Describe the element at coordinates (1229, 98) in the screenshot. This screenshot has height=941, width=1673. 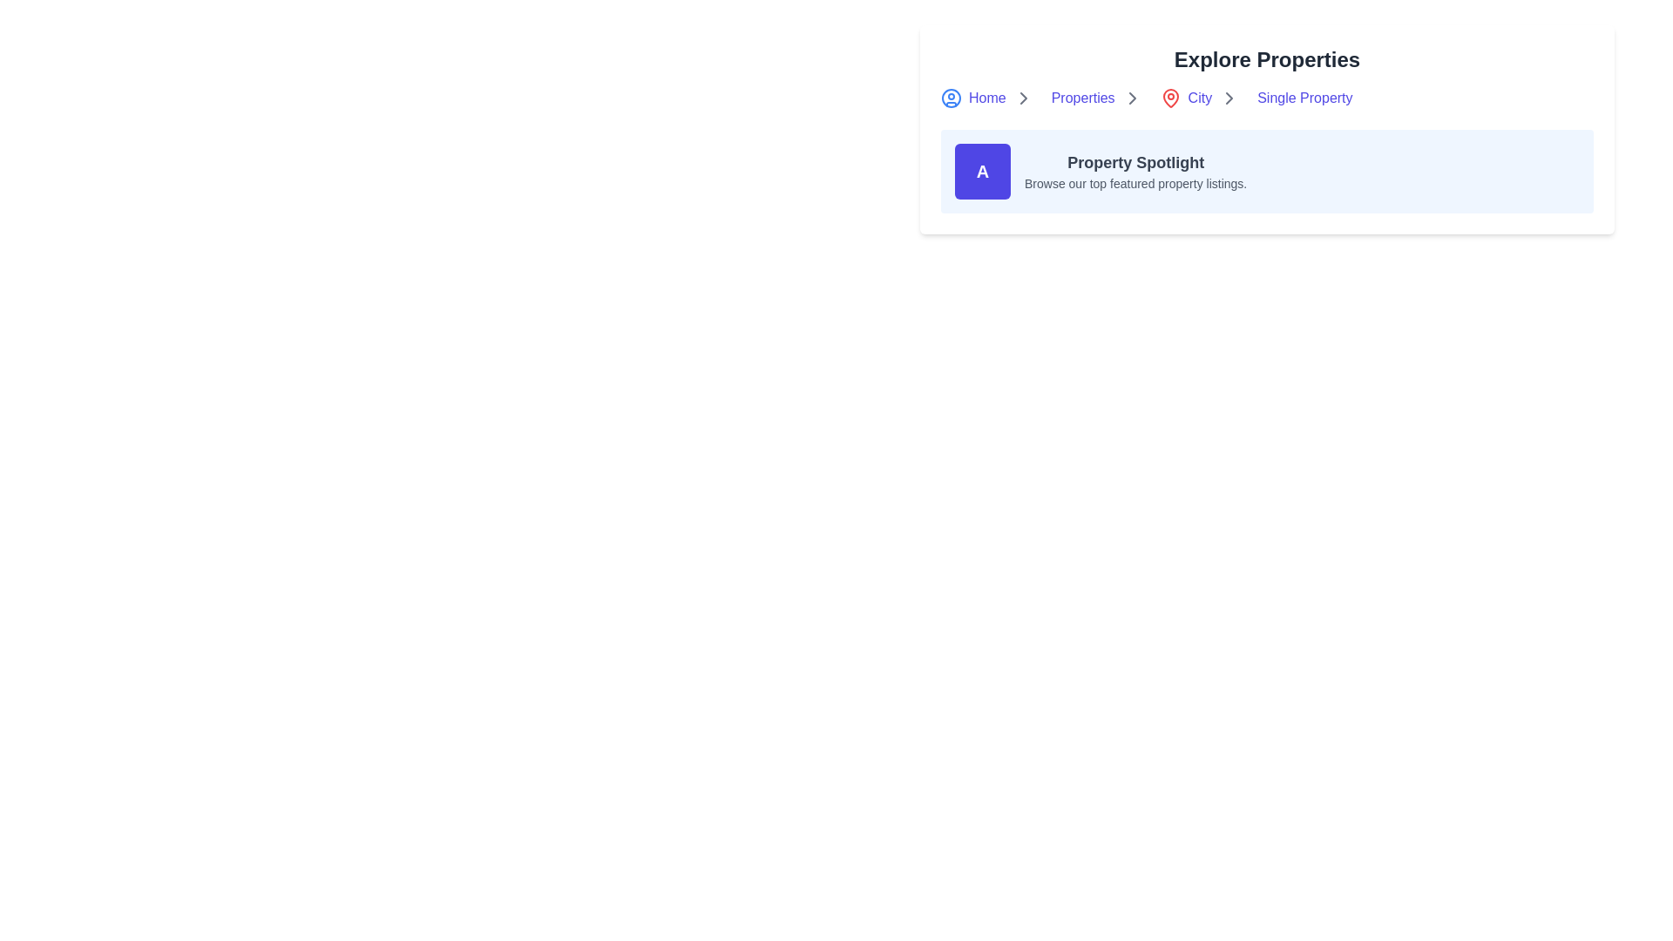
I see `the presence of the visual separator icon in the breadcrumb navigation, positioned between the 'City' link and the 'Single Property' link` at that location.